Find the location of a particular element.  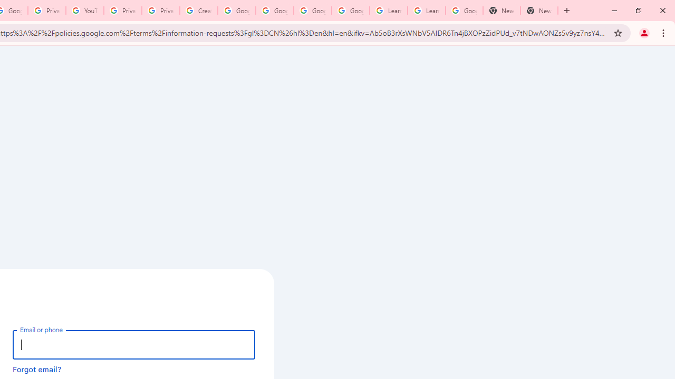

'YouTube' is located at coordinates (85, 11).